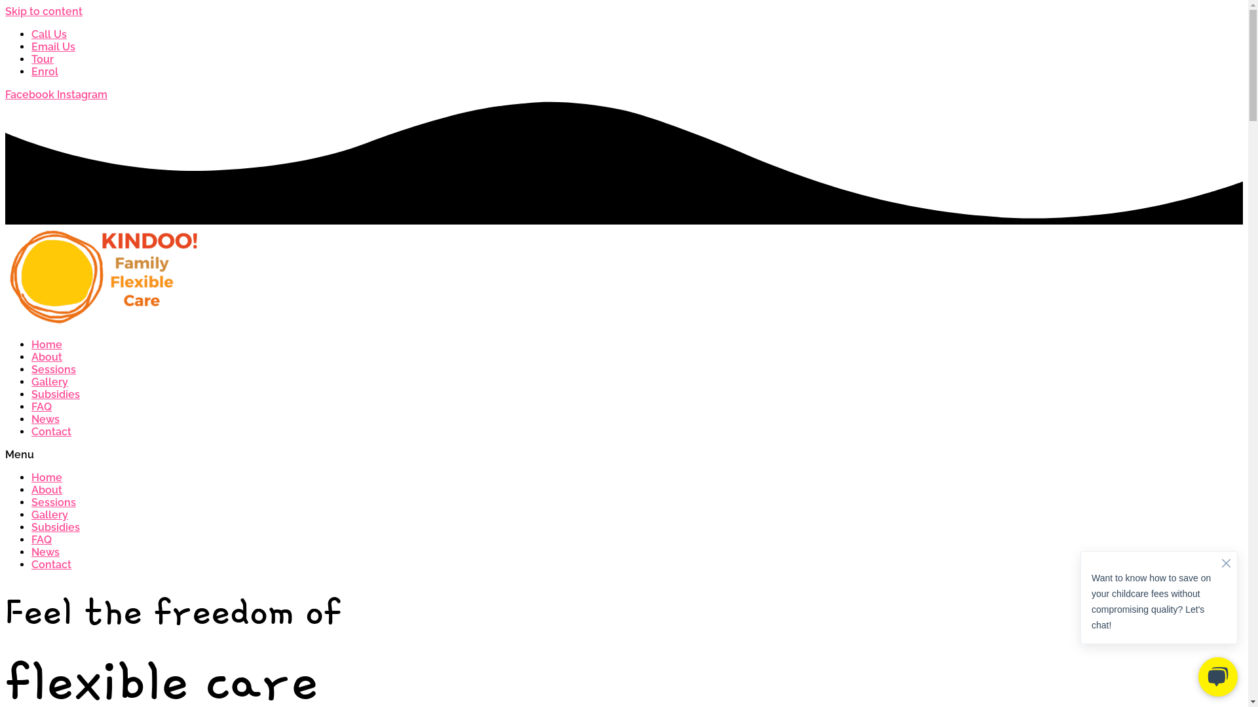  Describe the element at coordinates (41, 406) in the screenshot. I see `'FAQ'` at that location.